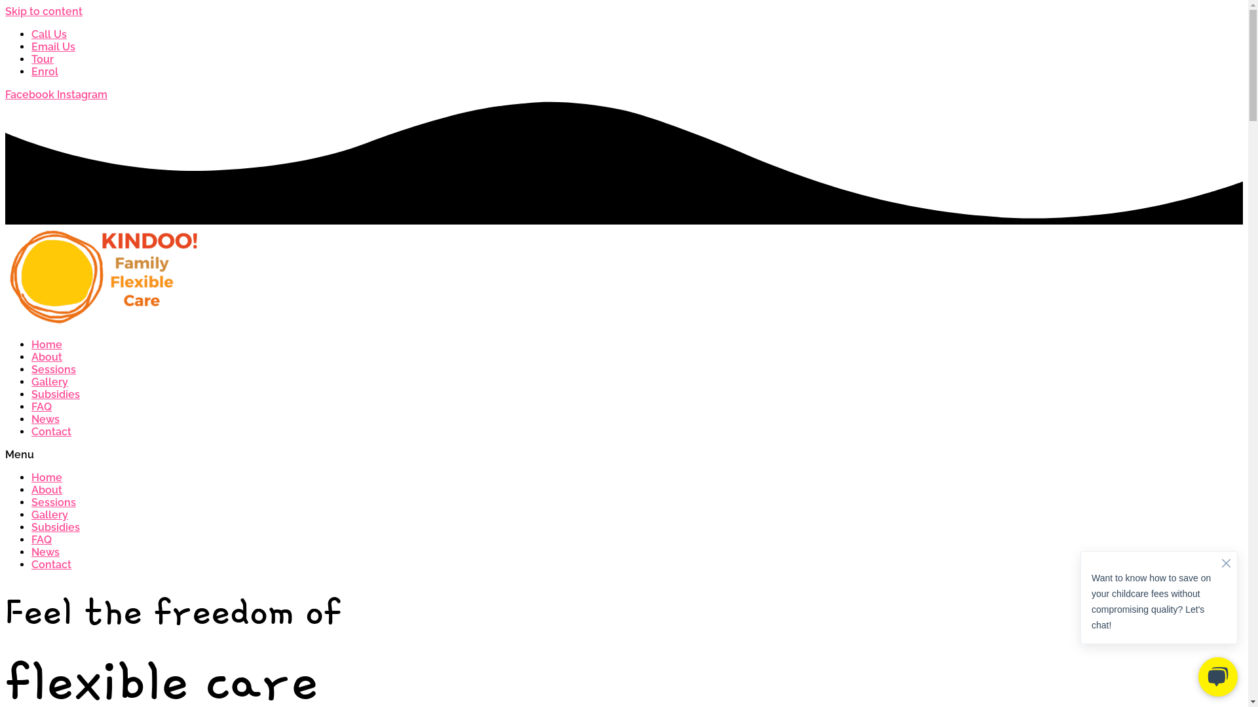  Describe the element at coordinates (41, 406) in the screenshot. I see `'FAQ'` at that location.